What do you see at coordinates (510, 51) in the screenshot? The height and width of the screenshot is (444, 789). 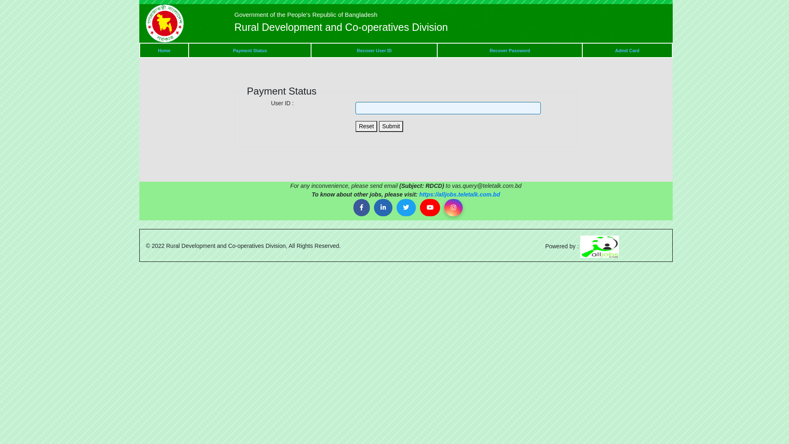 I see `'Recover Password'` at bounding box center [510, 51].